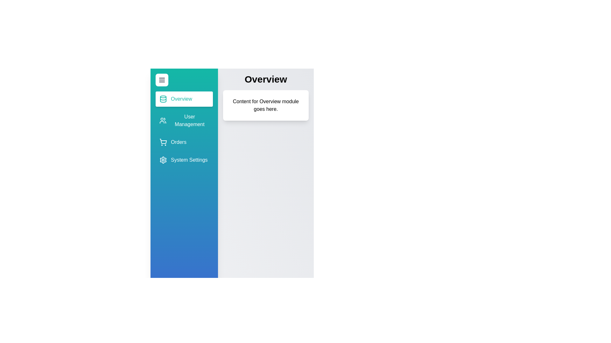 This screenshot has width=611, height=343. What do you see at coordinates (184, 99) in the screenshot?
I see `the module Overview from the sidebar` at bounding box center [184, 99].